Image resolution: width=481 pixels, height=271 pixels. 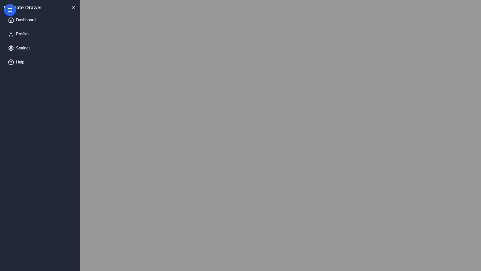 I want to click on the help icon located in the left navigation drawer, which is positioned to the left of the 'Help' text, so click(x=11, y=62).